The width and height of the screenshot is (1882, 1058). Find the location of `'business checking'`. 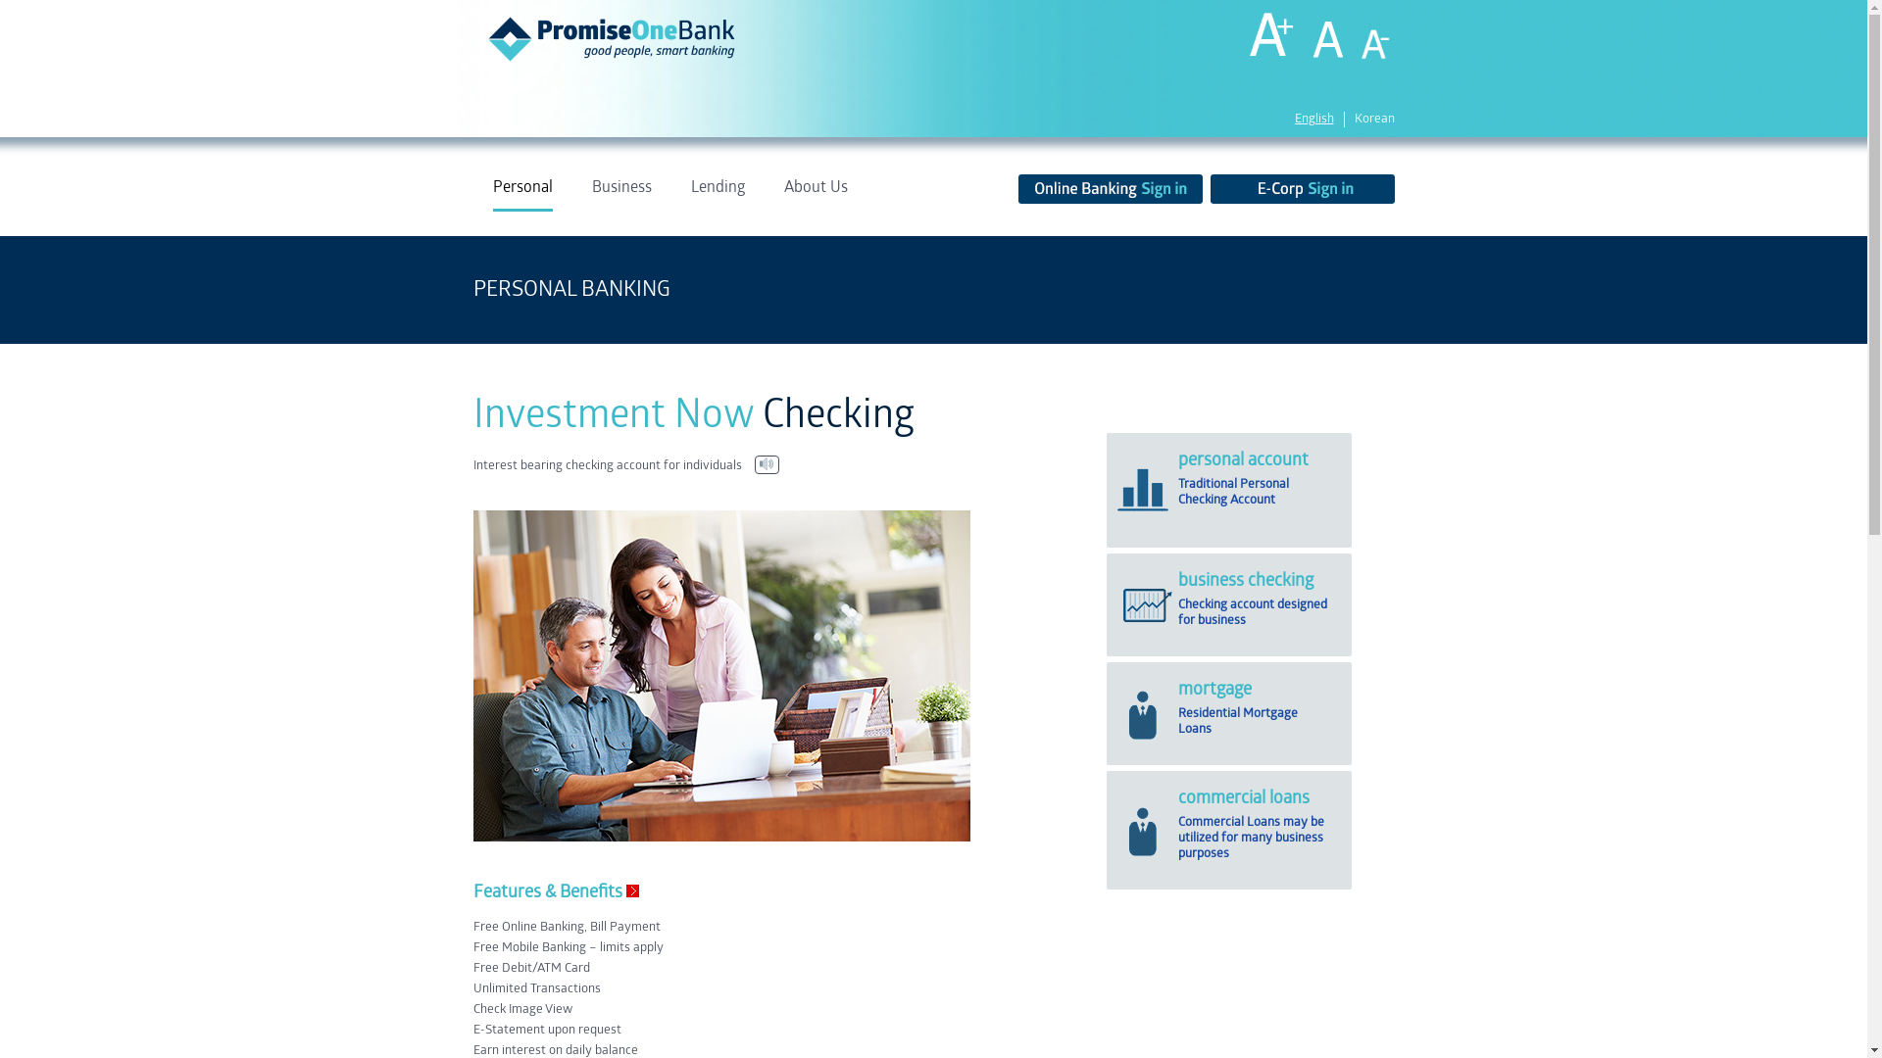

'business checking' is located at coordinates (1245, 580).